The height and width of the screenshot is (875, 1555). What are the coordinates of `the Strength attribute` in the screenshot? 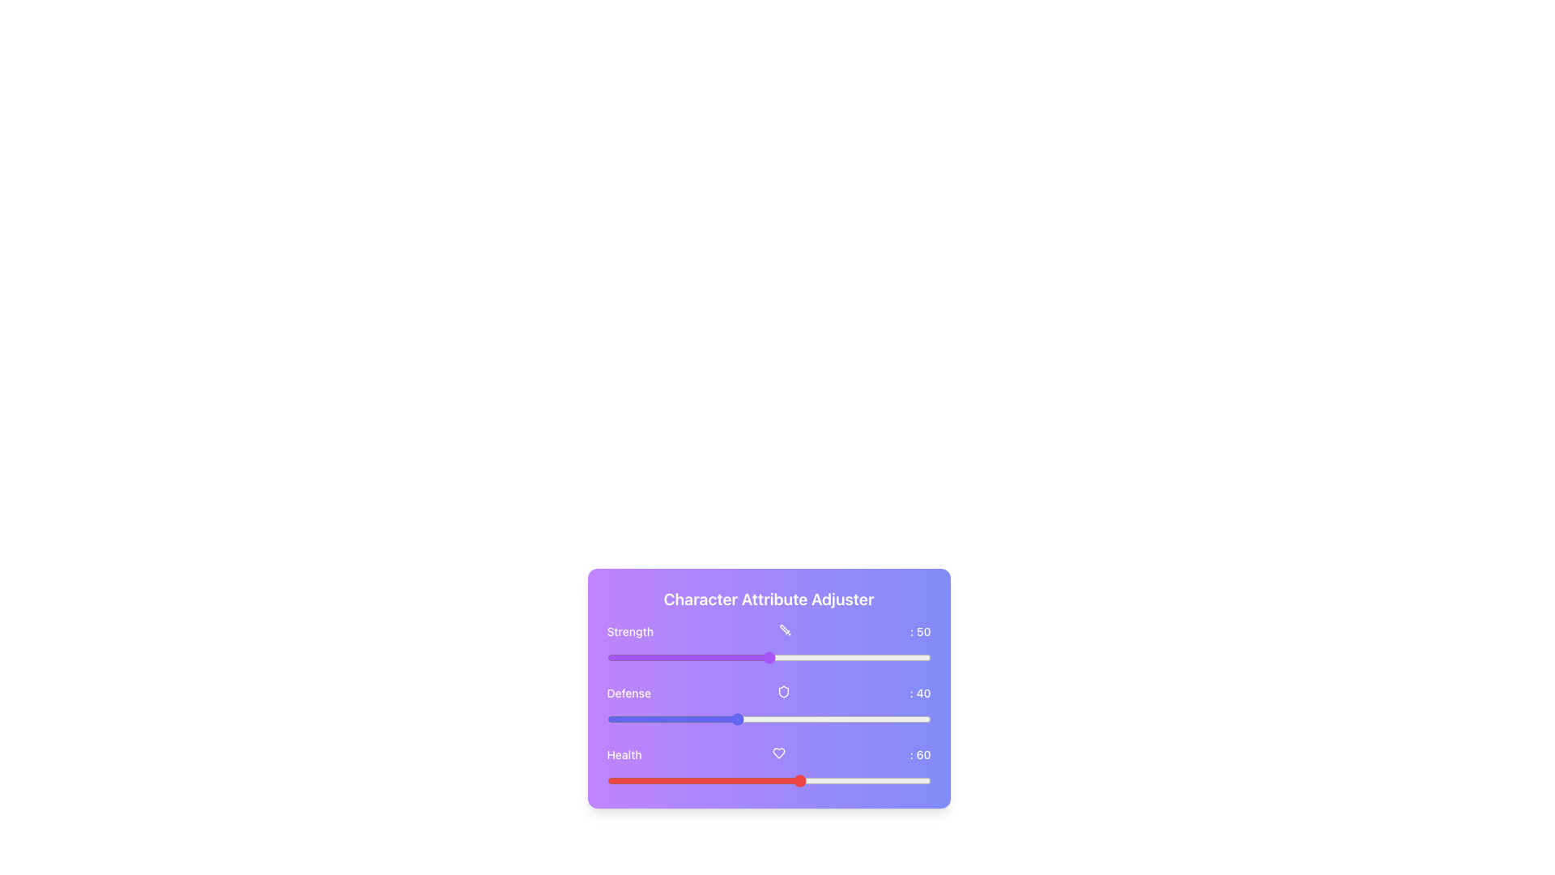 It's located at (918, 658).